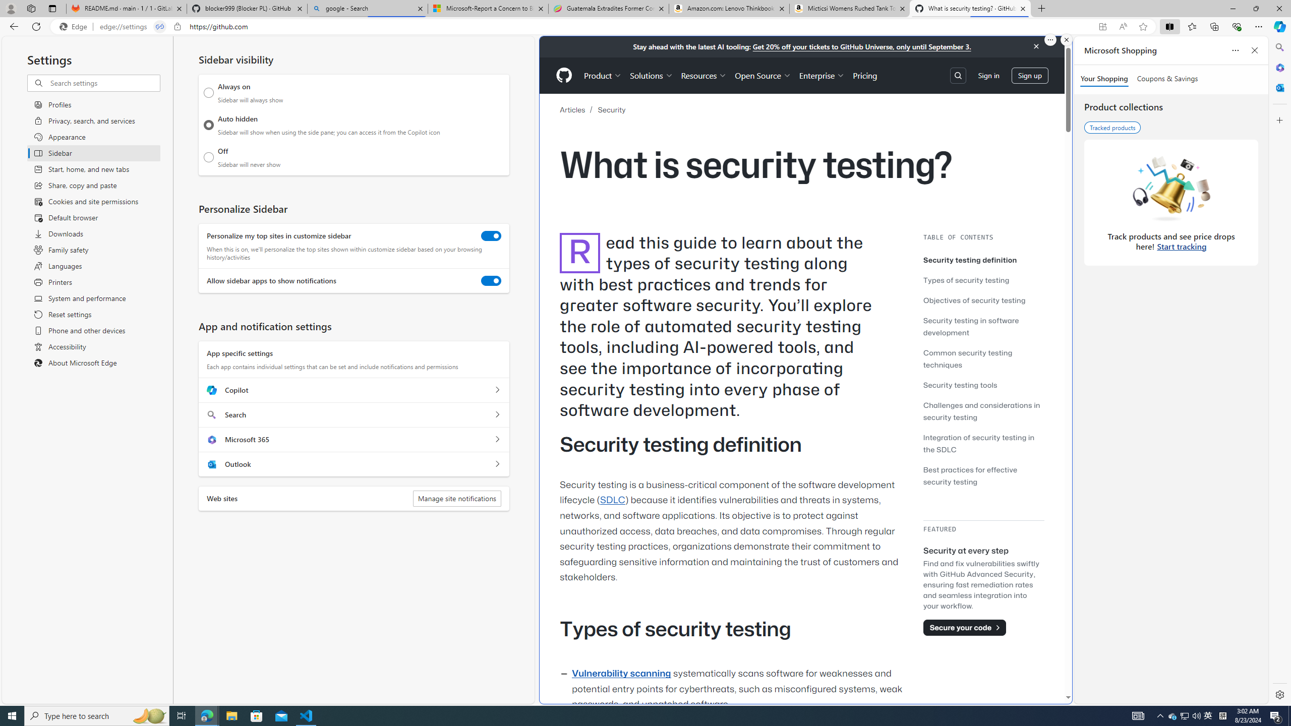  Describe the element at coordinates (652, 75) in the screenshot. I see `'Solutions'` at that location.